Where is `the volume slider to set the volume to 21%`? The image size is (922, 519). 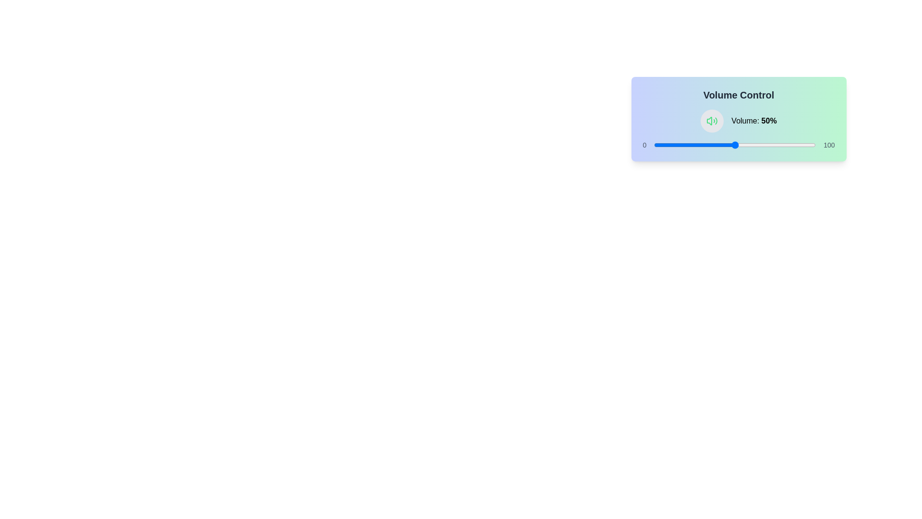 the volume slider to set the volume to 21% is located at coordinates (688, 145).